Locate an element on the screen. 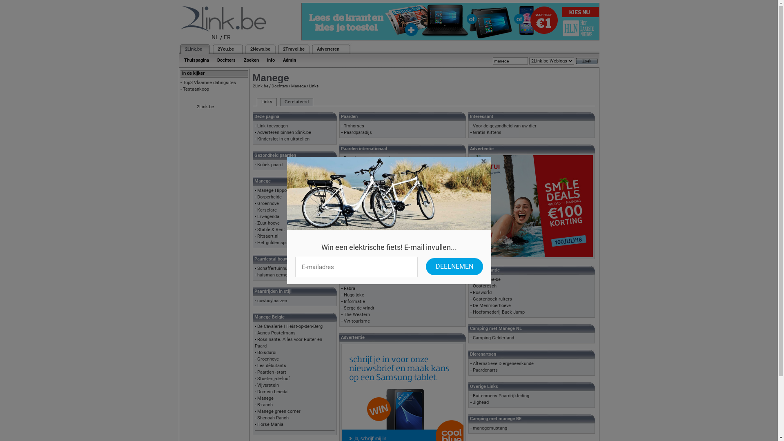 This screenshot has width=784, height=441. 'Dochters' is located at coordinates (279, 86).